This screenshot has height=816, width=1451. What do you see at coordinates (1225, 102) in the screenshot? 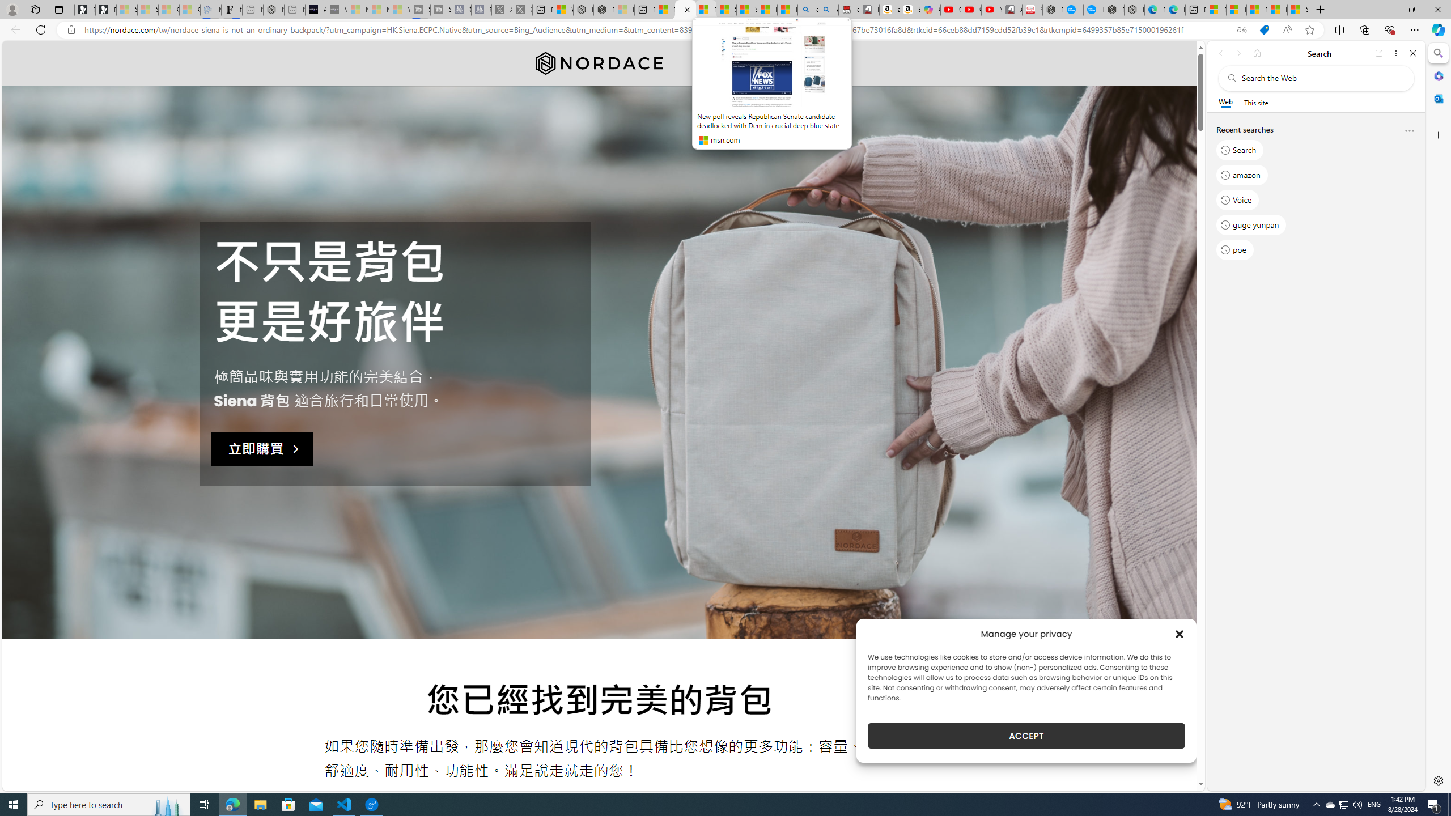
I see `'Web scope'` at bounding box center [1225, 102].